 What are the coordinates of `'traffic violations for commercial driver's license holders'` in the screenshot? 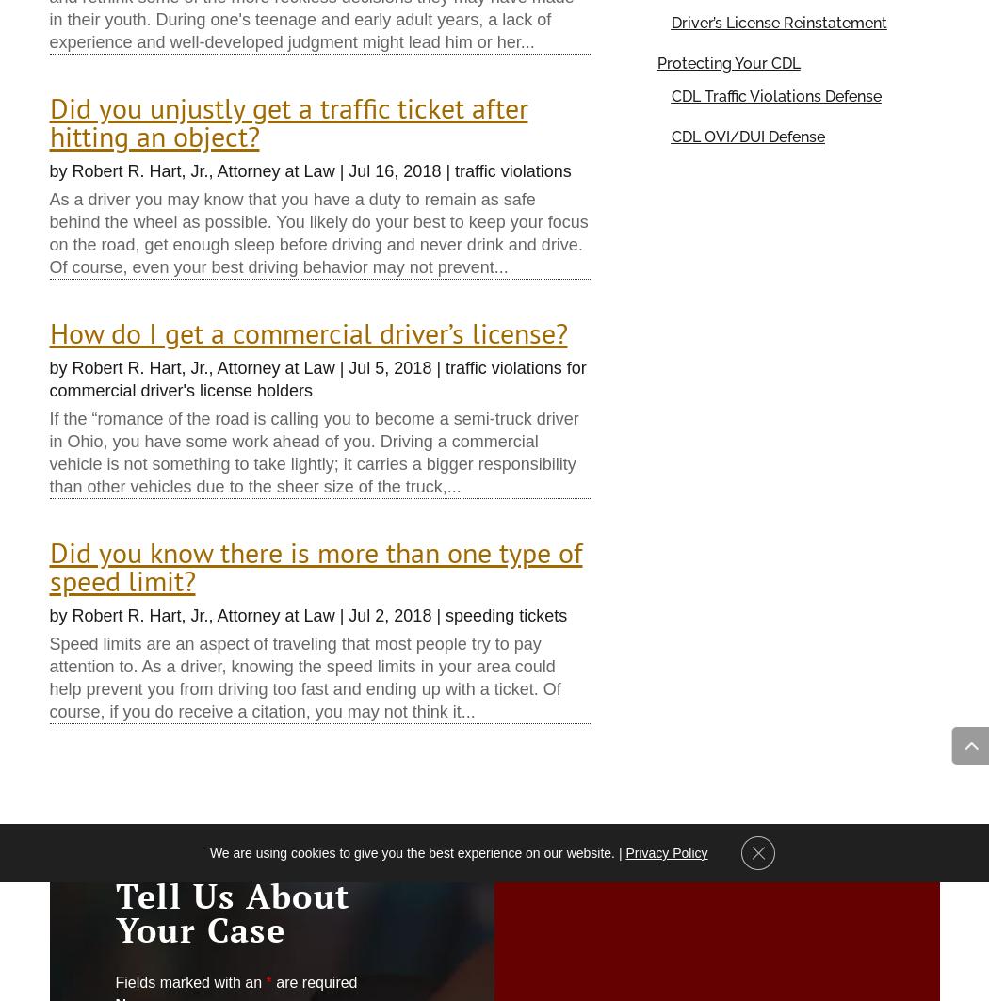 It's located at (317, 379).